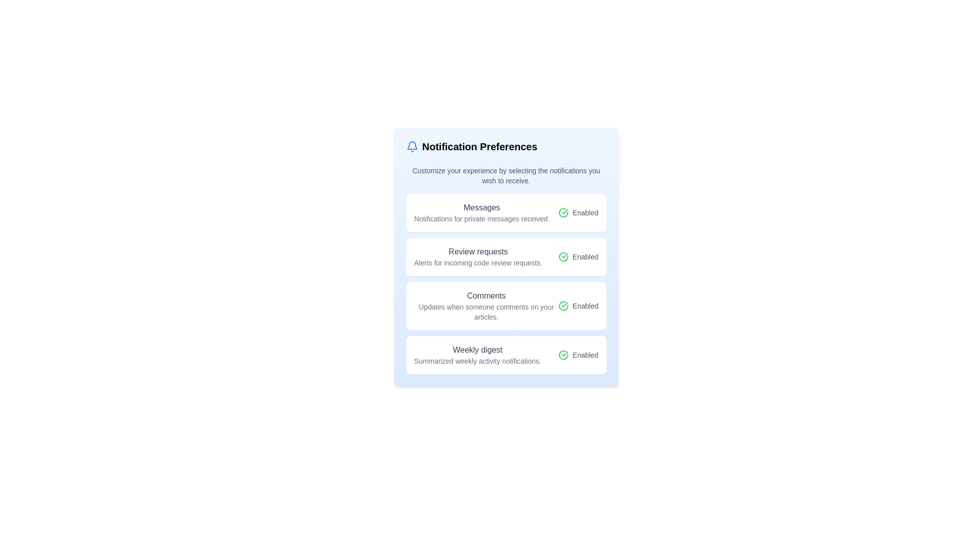 This screenshot has height=541, width=961. What do you see at coordinates (506, 175) in the screenshot?
I see `text paragraph styled with small font size and gray color, located below the title 'Notification Preferences' and above the list of notification options` at bounding box center [506, 175].